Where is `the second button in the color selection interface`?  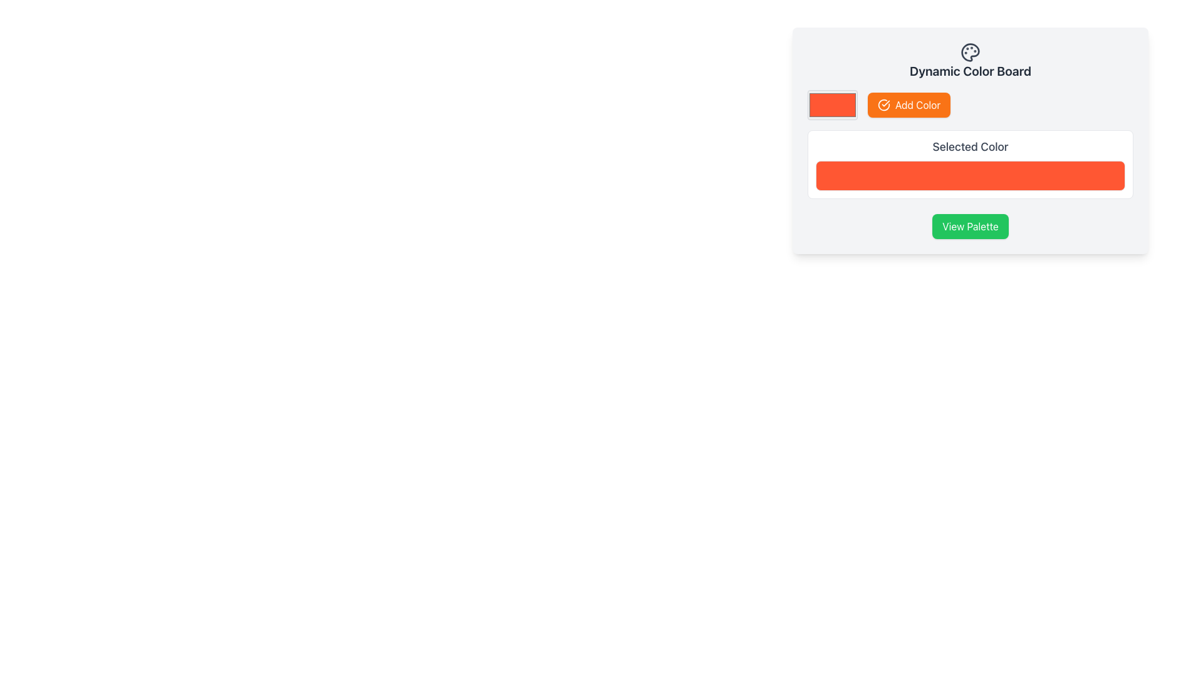
the second button in the color selection interface is located at coordinates (909, 105).